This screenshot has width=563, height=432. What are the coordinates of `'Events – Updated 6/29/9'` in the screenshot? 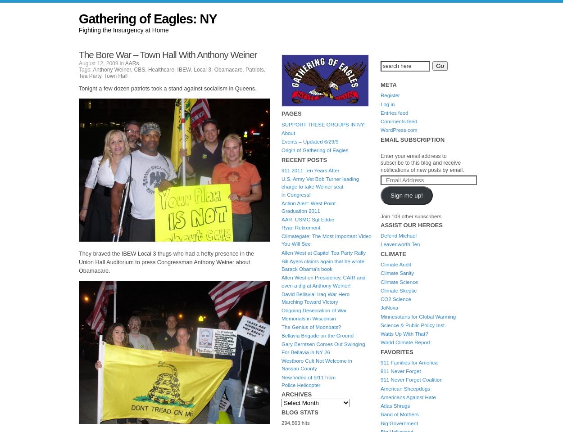 It's located at (310, 141).